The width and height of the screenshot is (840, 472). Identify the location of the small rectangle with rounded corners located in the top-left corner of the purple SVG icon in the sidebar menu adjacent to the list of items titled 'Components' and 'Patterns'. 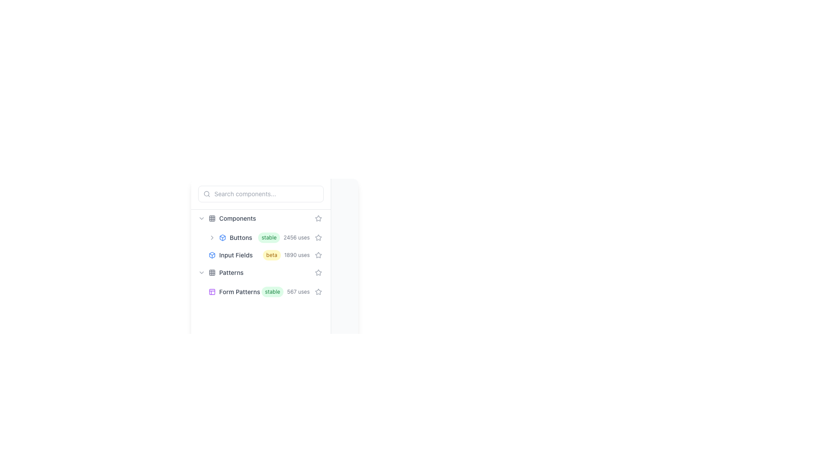
(212, 292).